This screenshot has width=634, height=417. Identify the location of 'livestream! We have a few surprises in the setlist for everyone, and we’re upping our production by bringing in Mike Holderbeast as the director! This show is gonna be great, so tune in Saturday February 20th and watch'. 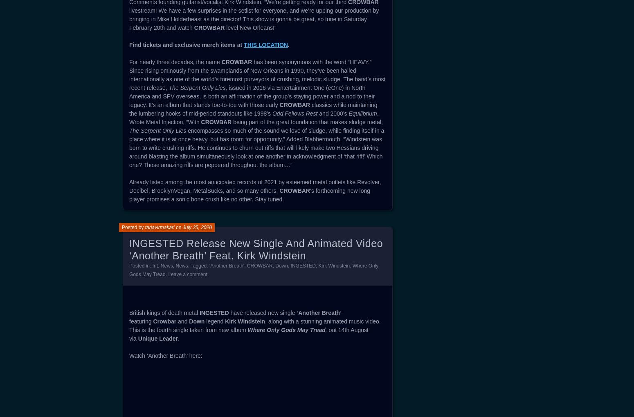
(129, 19).